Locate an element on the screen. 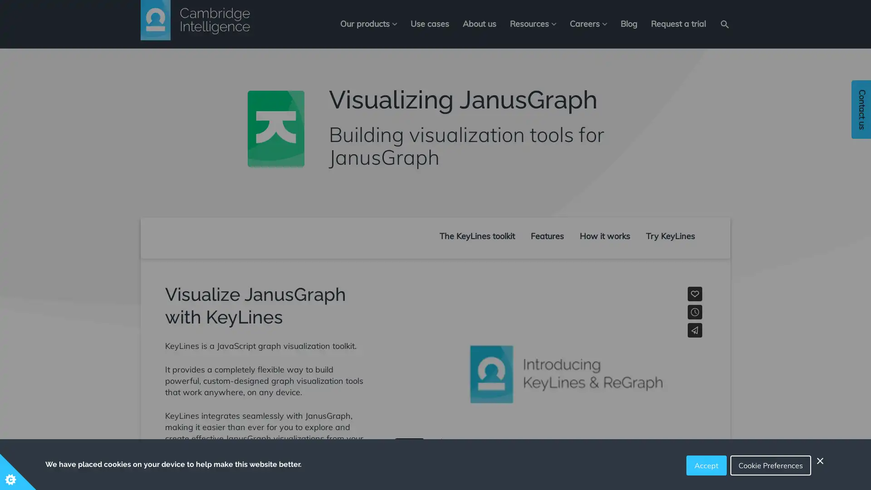 The height and width of the screenshot is (490, 871). Cookie Preferences is located at coordinates (770, 465).